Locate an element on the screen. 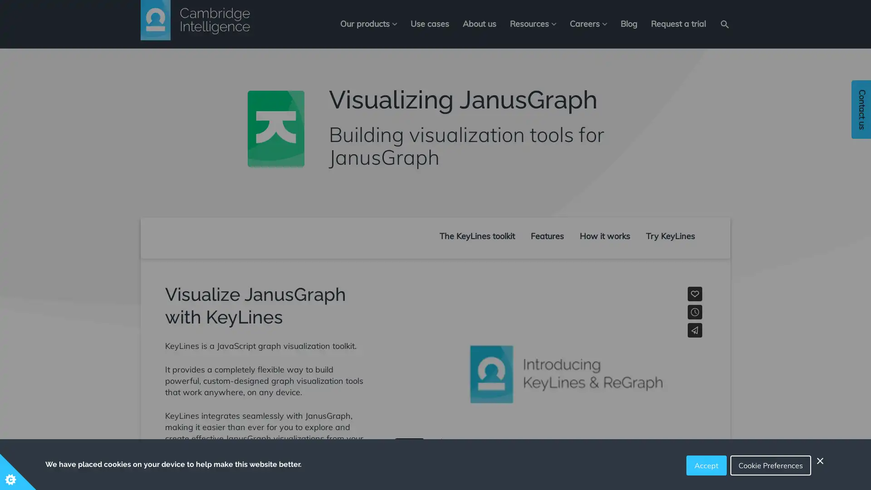 The height and width of the screenshot is (490, 871). Cookie Preferences is located at coordinates (770, 465).